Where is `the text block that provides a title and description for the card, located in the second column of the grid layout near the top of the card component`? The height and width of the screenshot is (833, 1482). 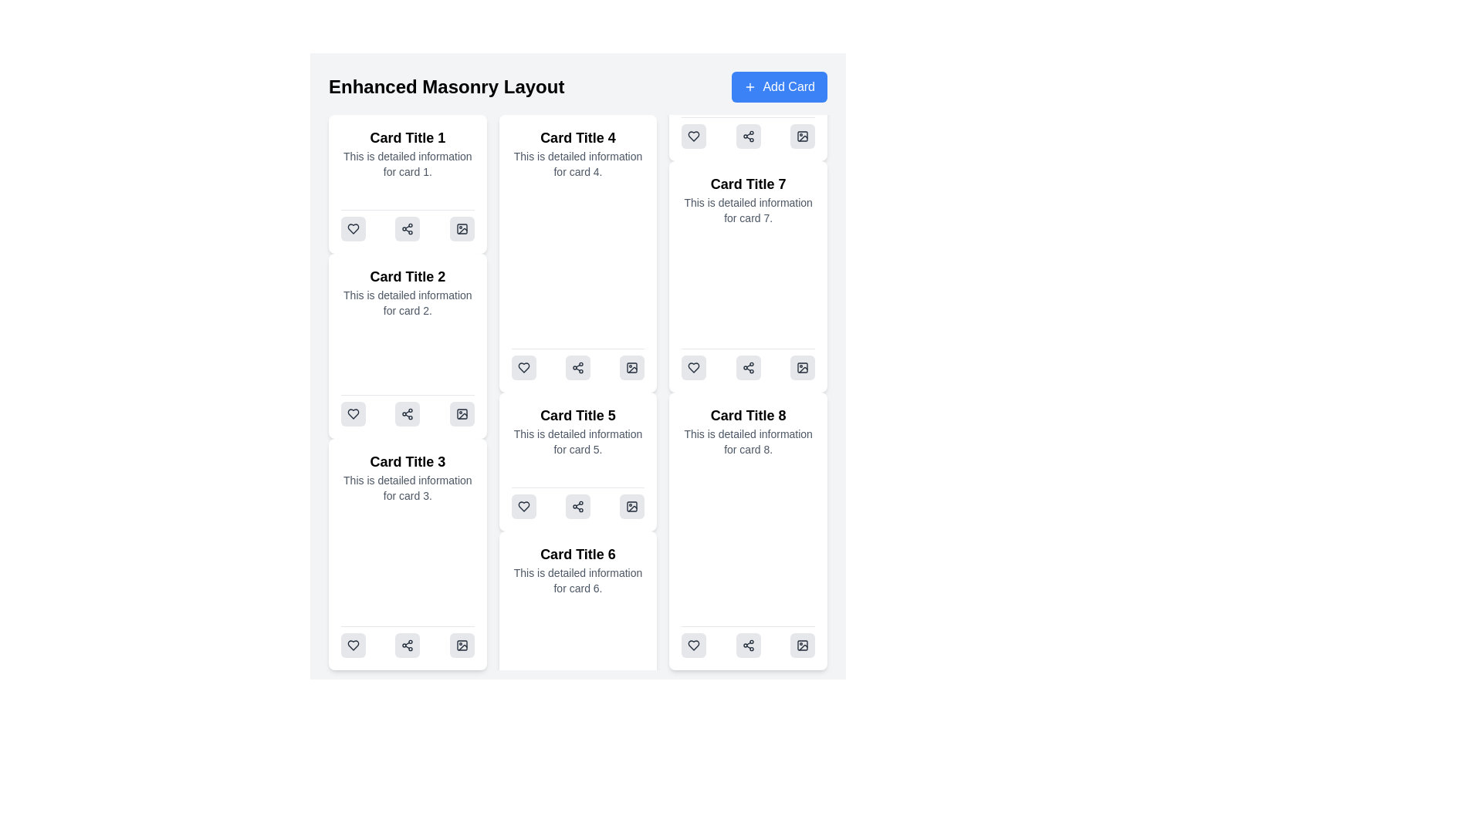 the text block that provides a title and description for the card, located in the second column of the grid layout near the top of the card component is located at coordinates (577, 153).